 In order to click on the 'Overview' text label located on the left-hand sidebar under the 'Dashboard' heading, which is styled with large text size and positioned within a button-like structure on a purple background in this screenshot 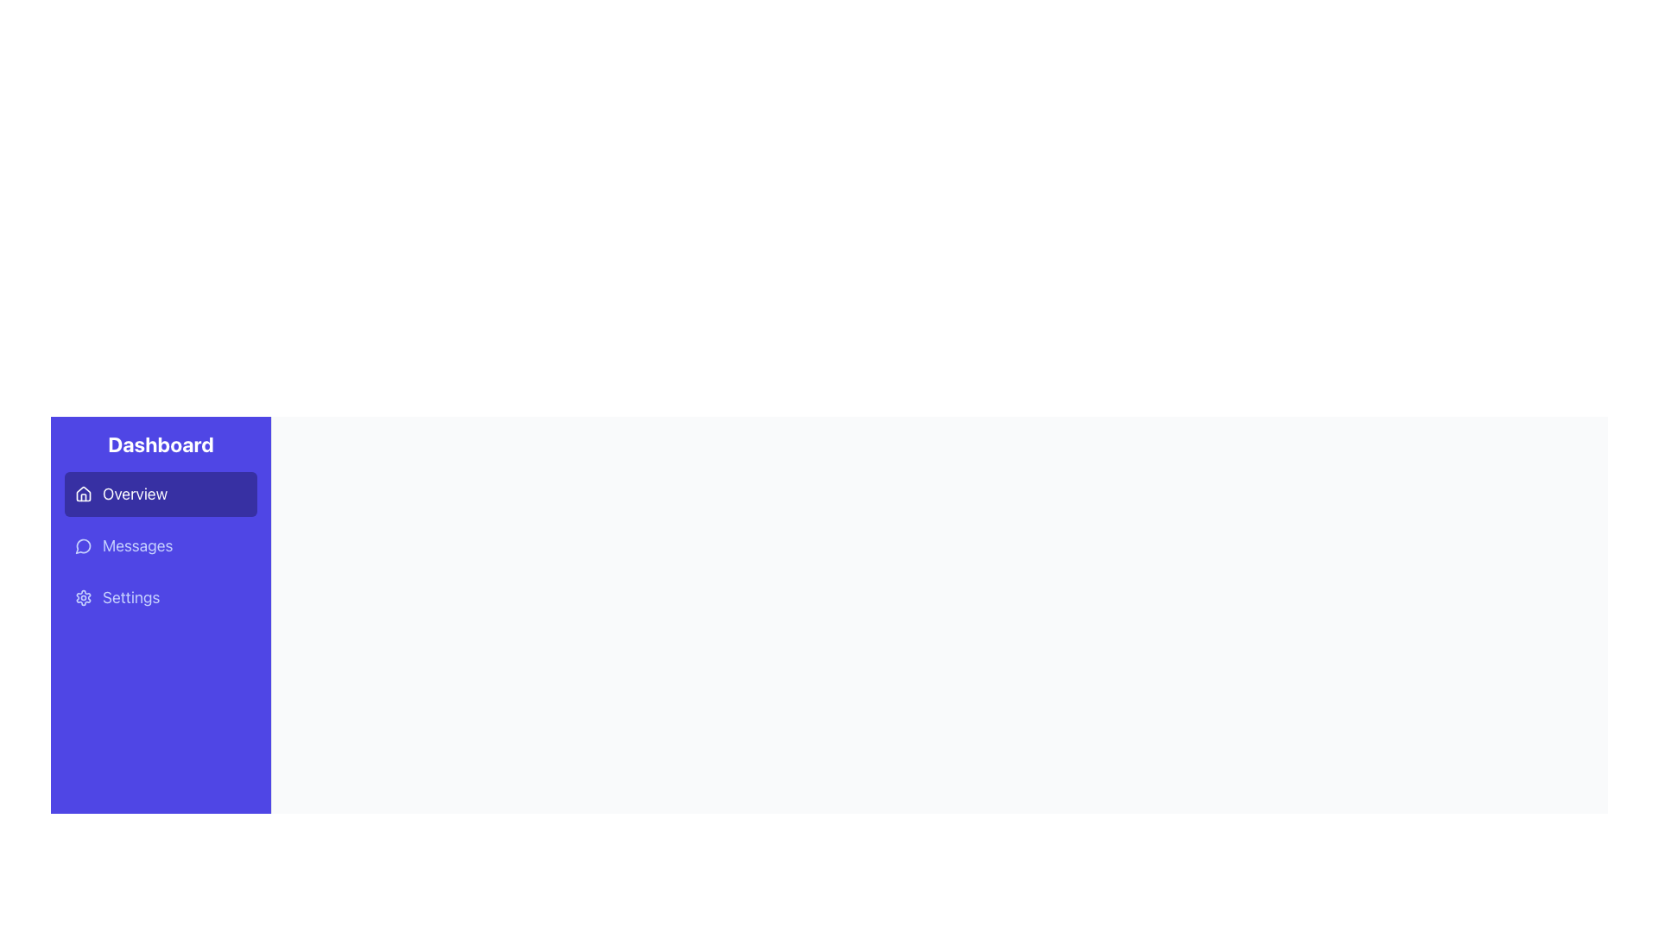, I will do `click(134, 494)`.